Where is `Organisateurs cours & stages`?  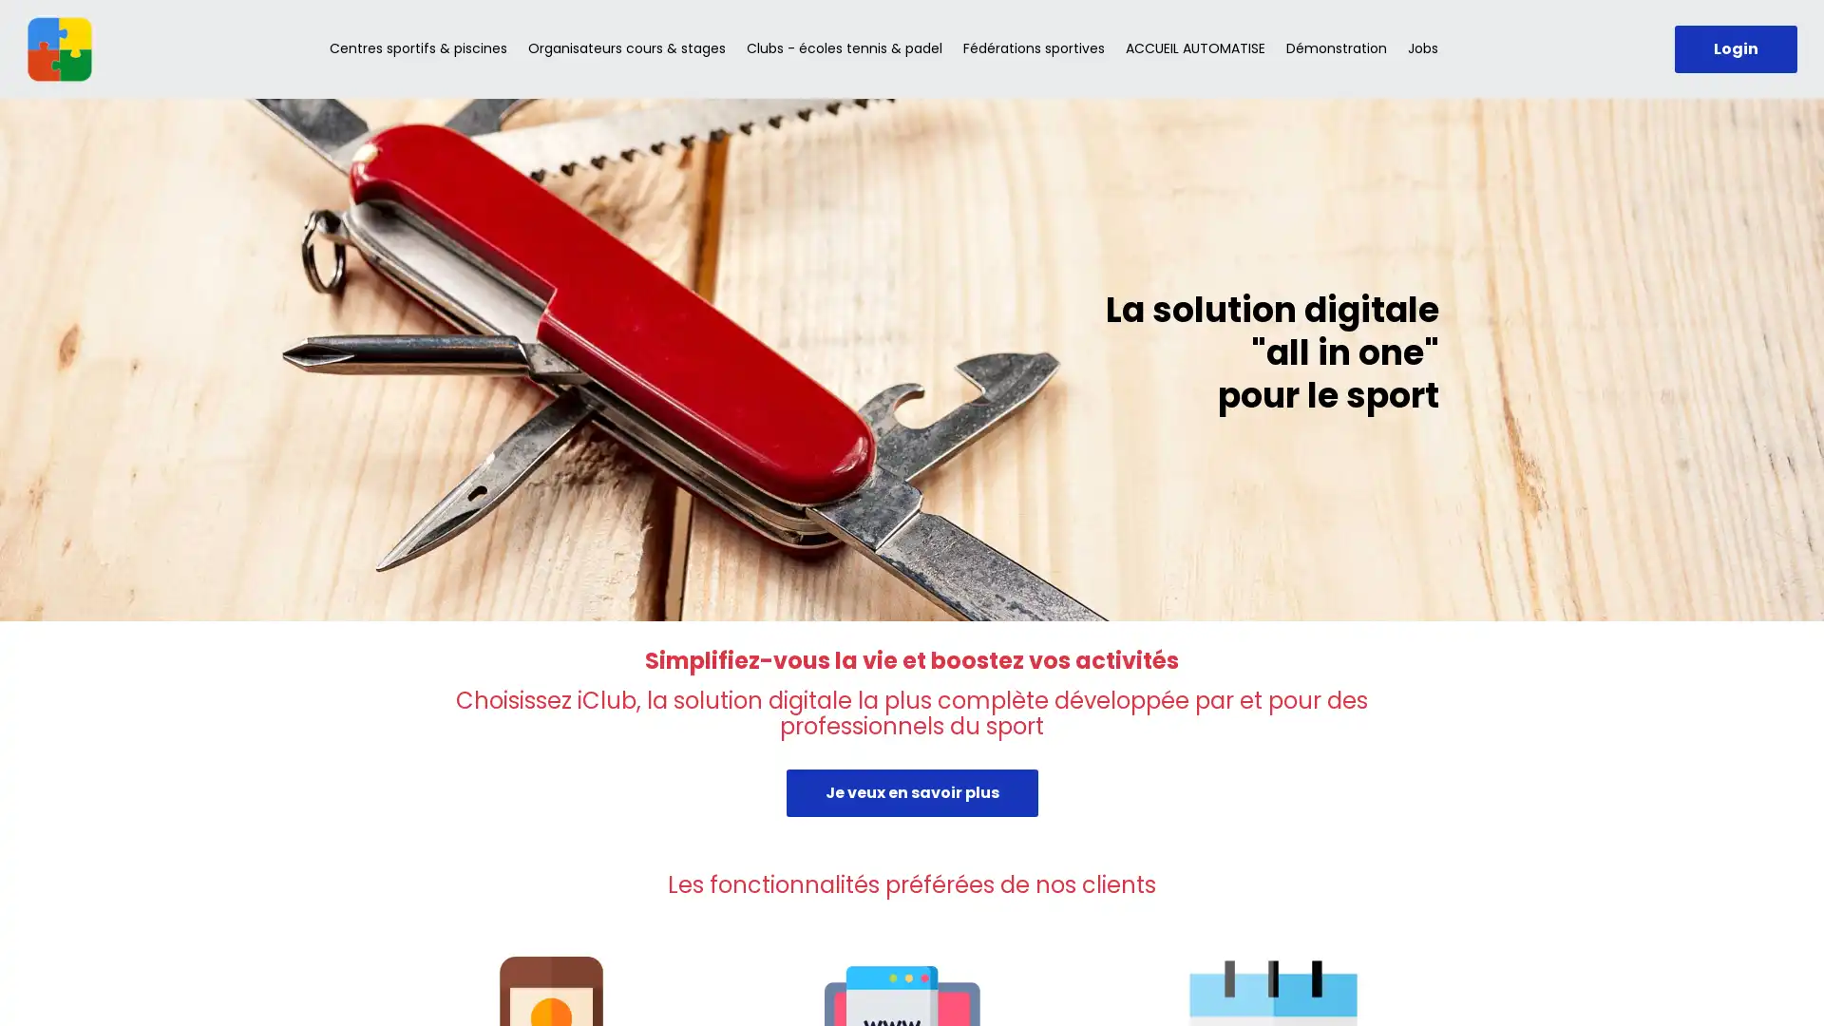 Organisateurs cours & stages is located at coordinates (625, 47).